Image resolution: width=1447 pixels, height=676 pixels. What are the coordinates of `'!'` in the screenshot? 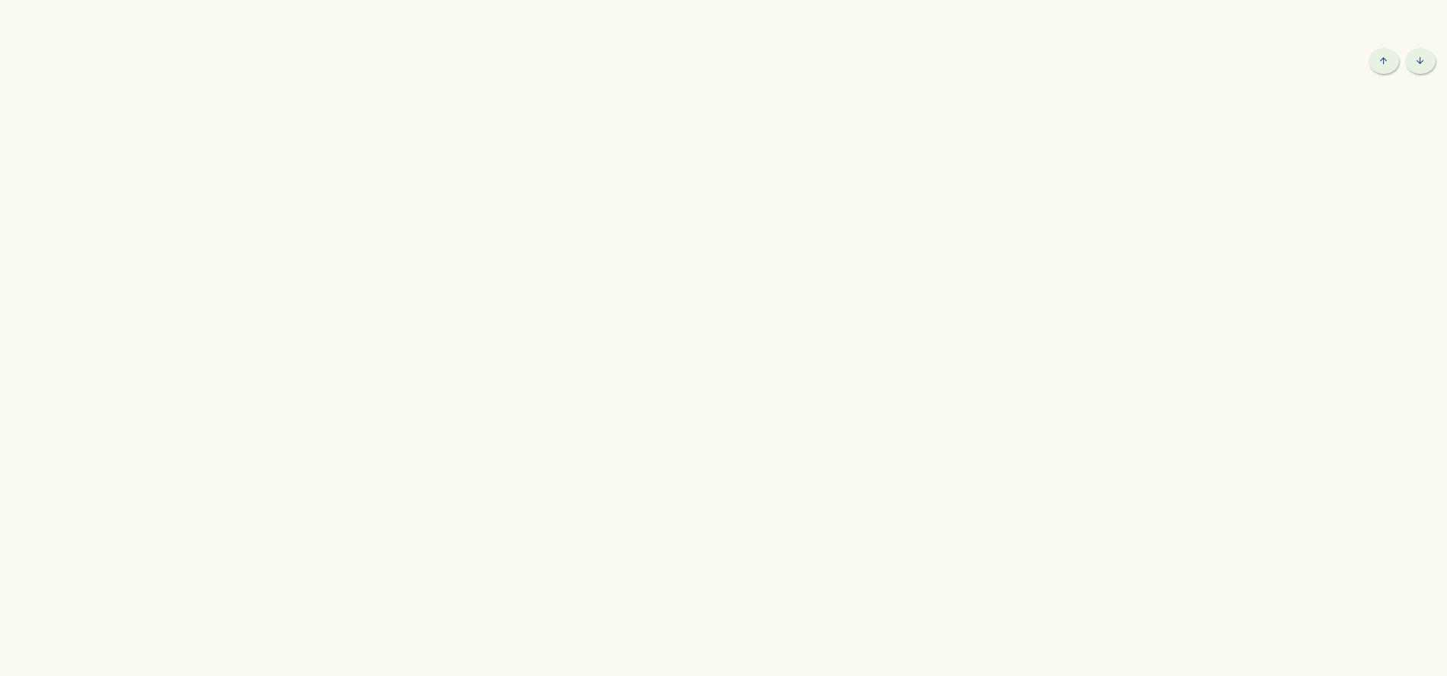 It's located at (382, 18).